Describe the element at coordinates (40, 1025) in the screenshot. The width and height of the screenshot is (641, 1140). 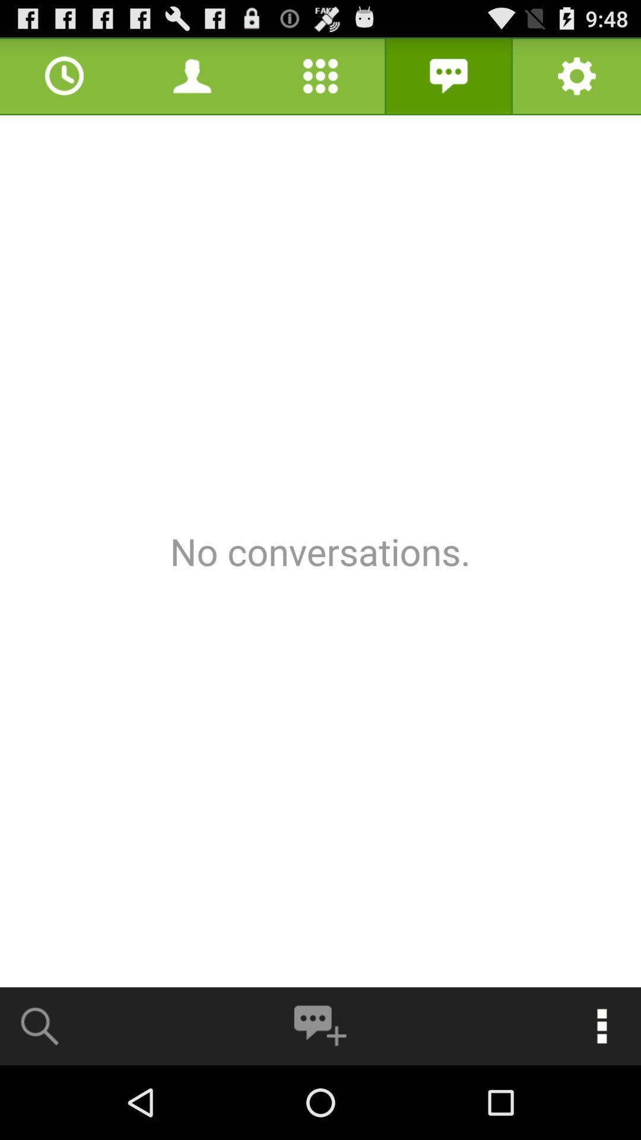
I see `search conversations` at that location.